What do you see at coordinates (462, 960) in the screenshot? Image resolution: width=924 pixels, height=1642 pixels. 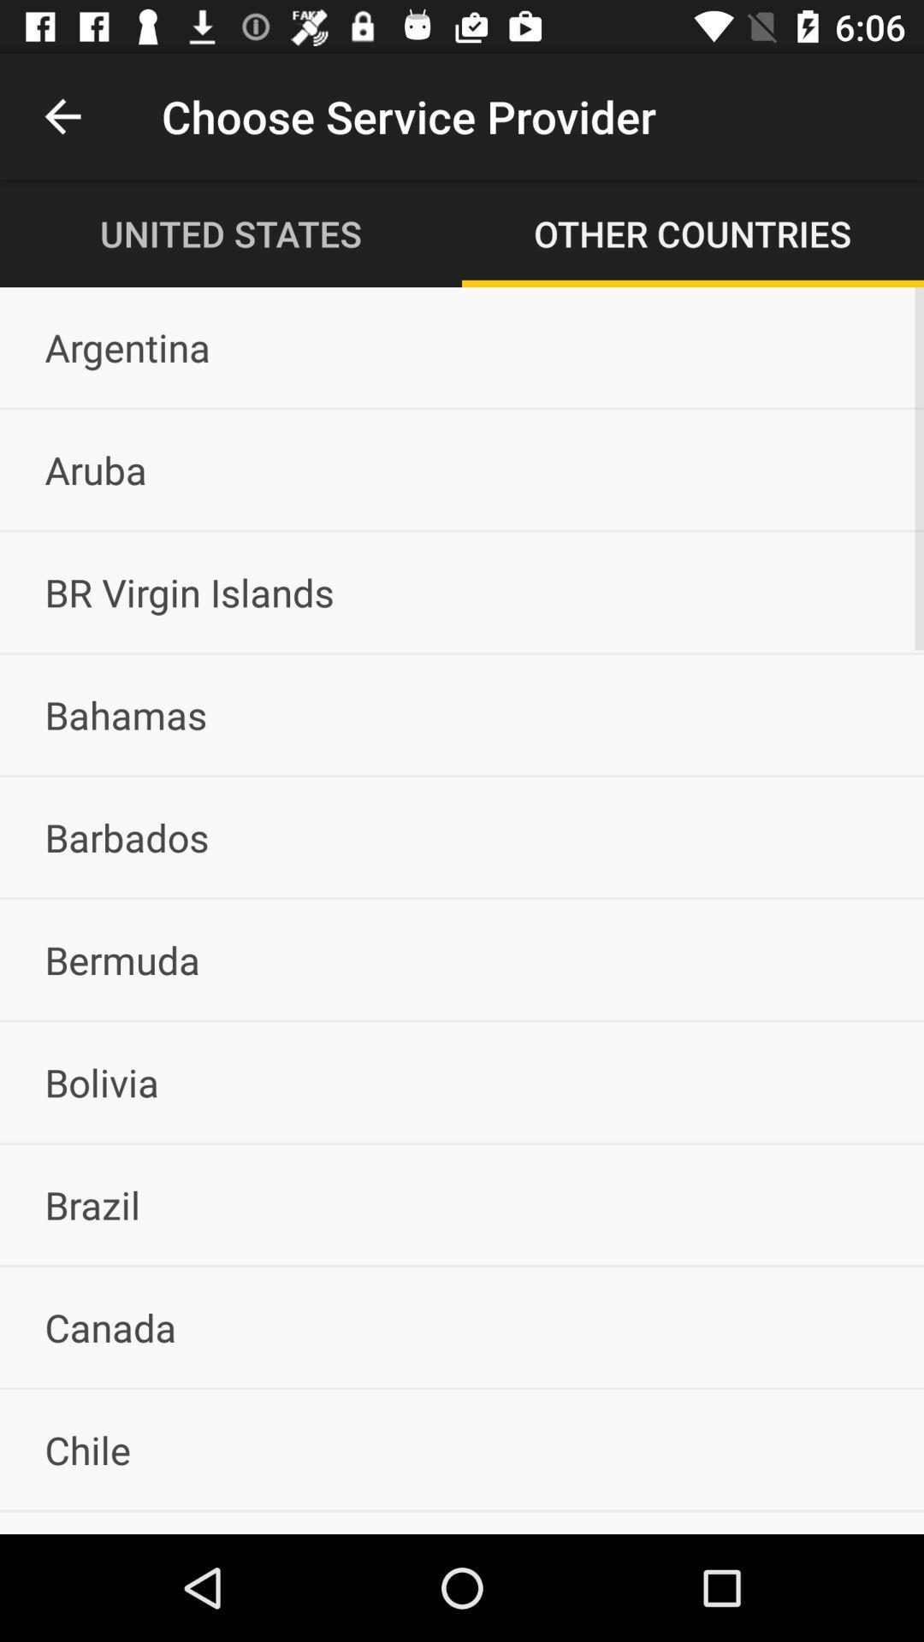 I see `item above the bolivia icon` at bounding box center [462, 960].